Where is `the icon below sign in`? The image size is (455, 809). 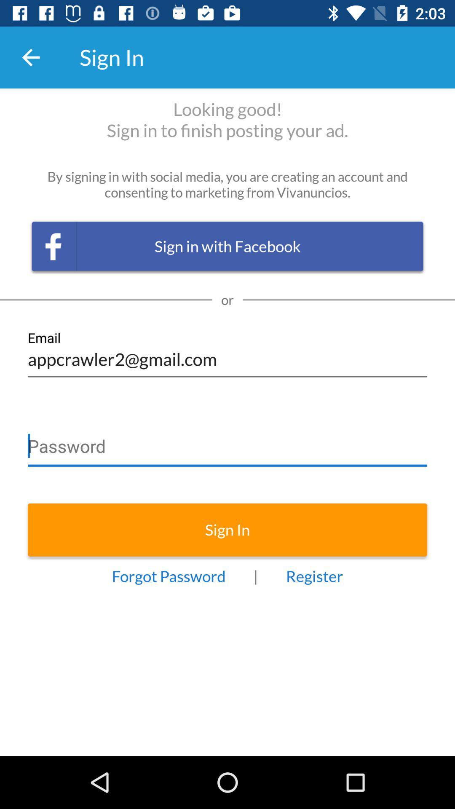 the icon below sign in is located at coordinates (314, 576).